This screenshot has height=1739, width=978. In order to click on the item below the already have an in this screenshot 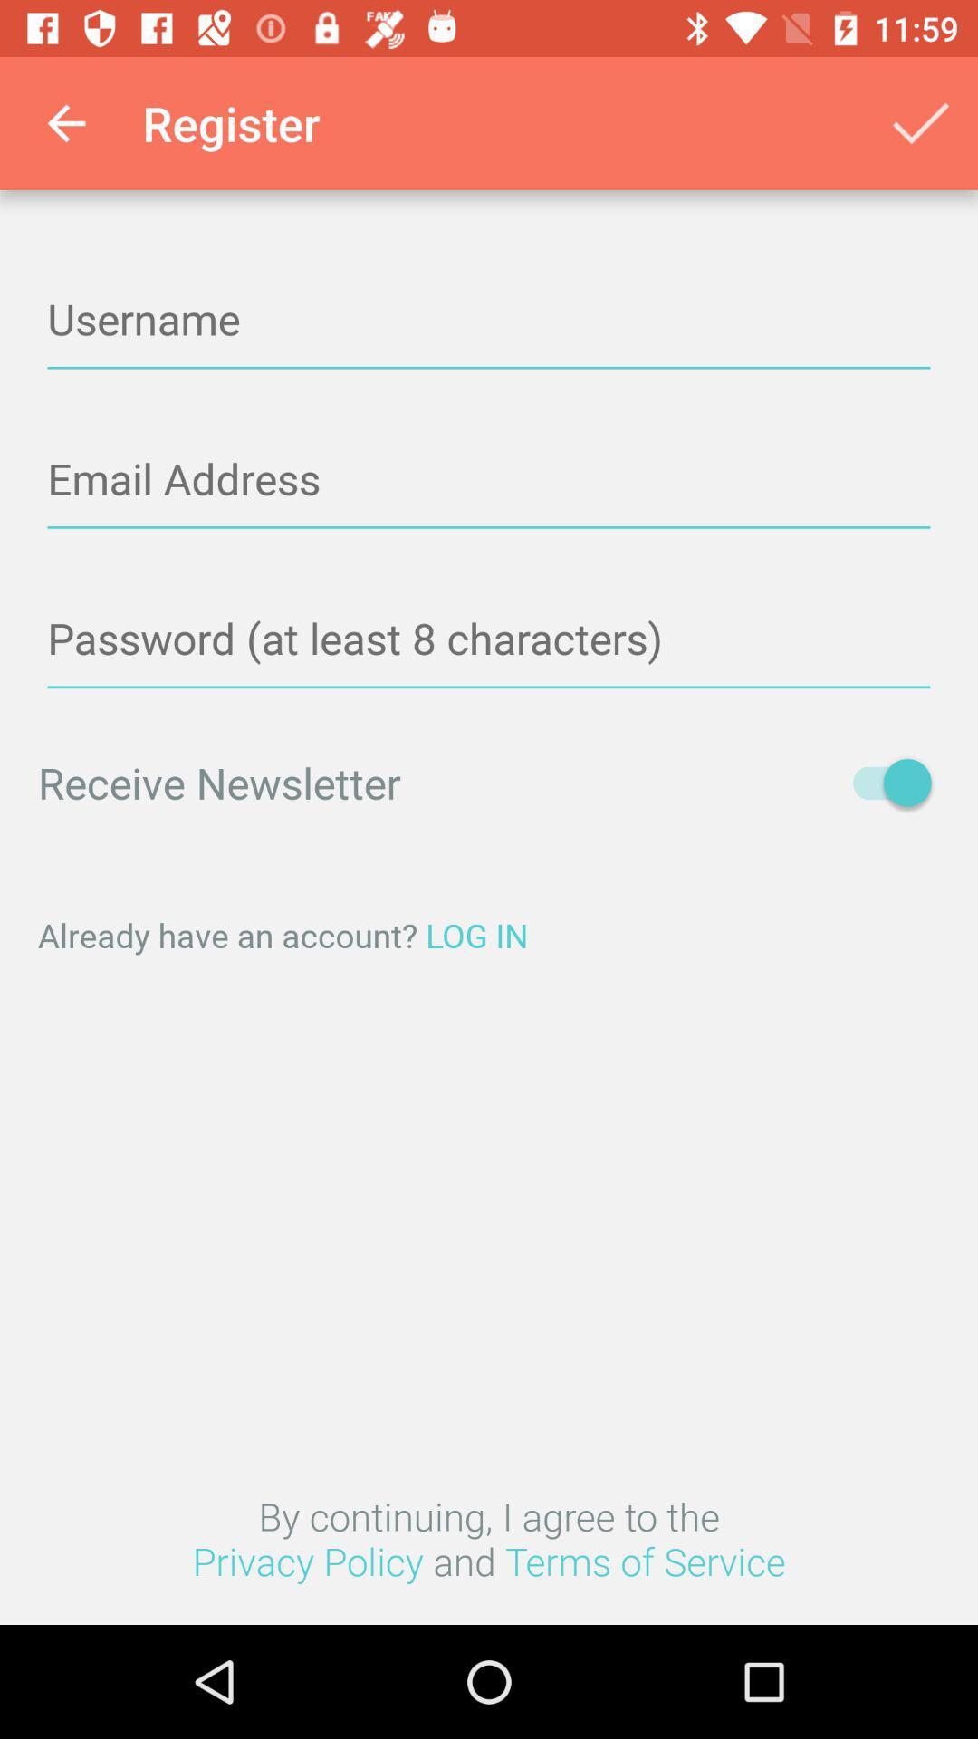, I will do `click(489, 1537)`.